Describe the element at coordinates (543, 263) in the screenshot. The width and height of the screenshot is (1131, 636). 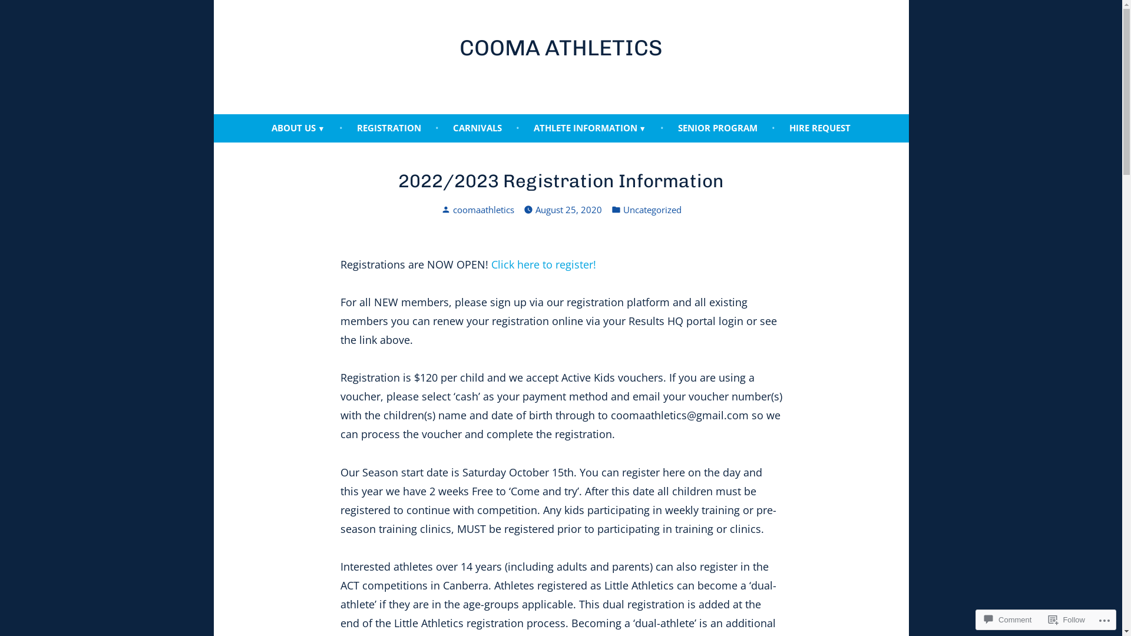
I see `'Click here to register!'` at that location.